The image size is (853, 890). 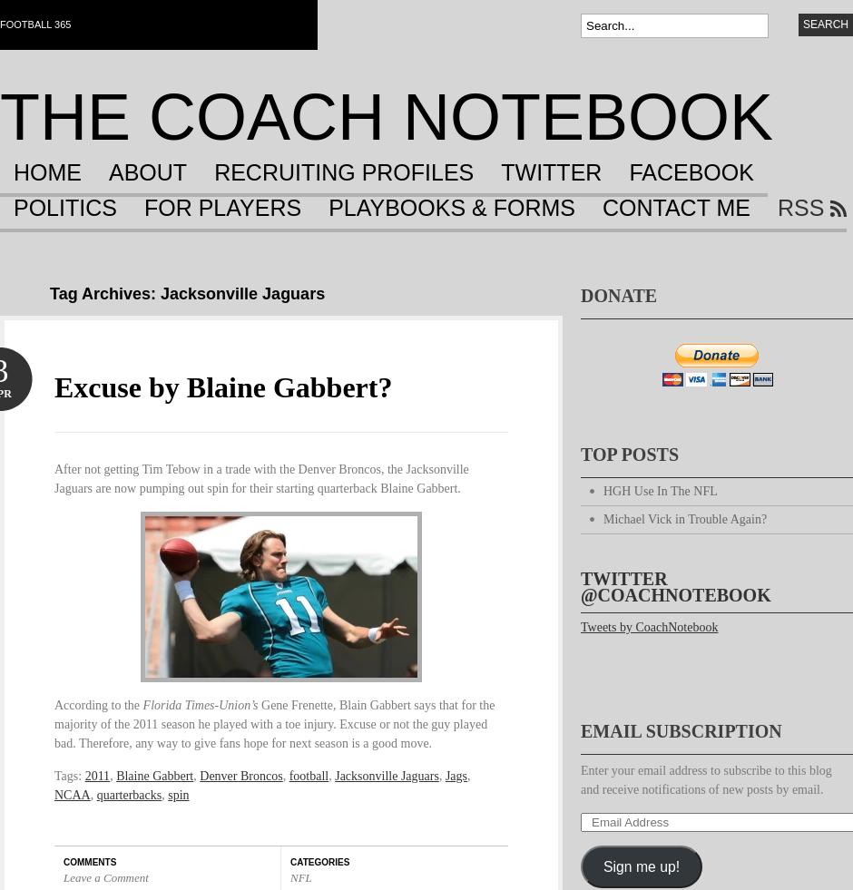 I want to click on 'Excuse by Blaine Gabbert?', so click(x=222, y=386).